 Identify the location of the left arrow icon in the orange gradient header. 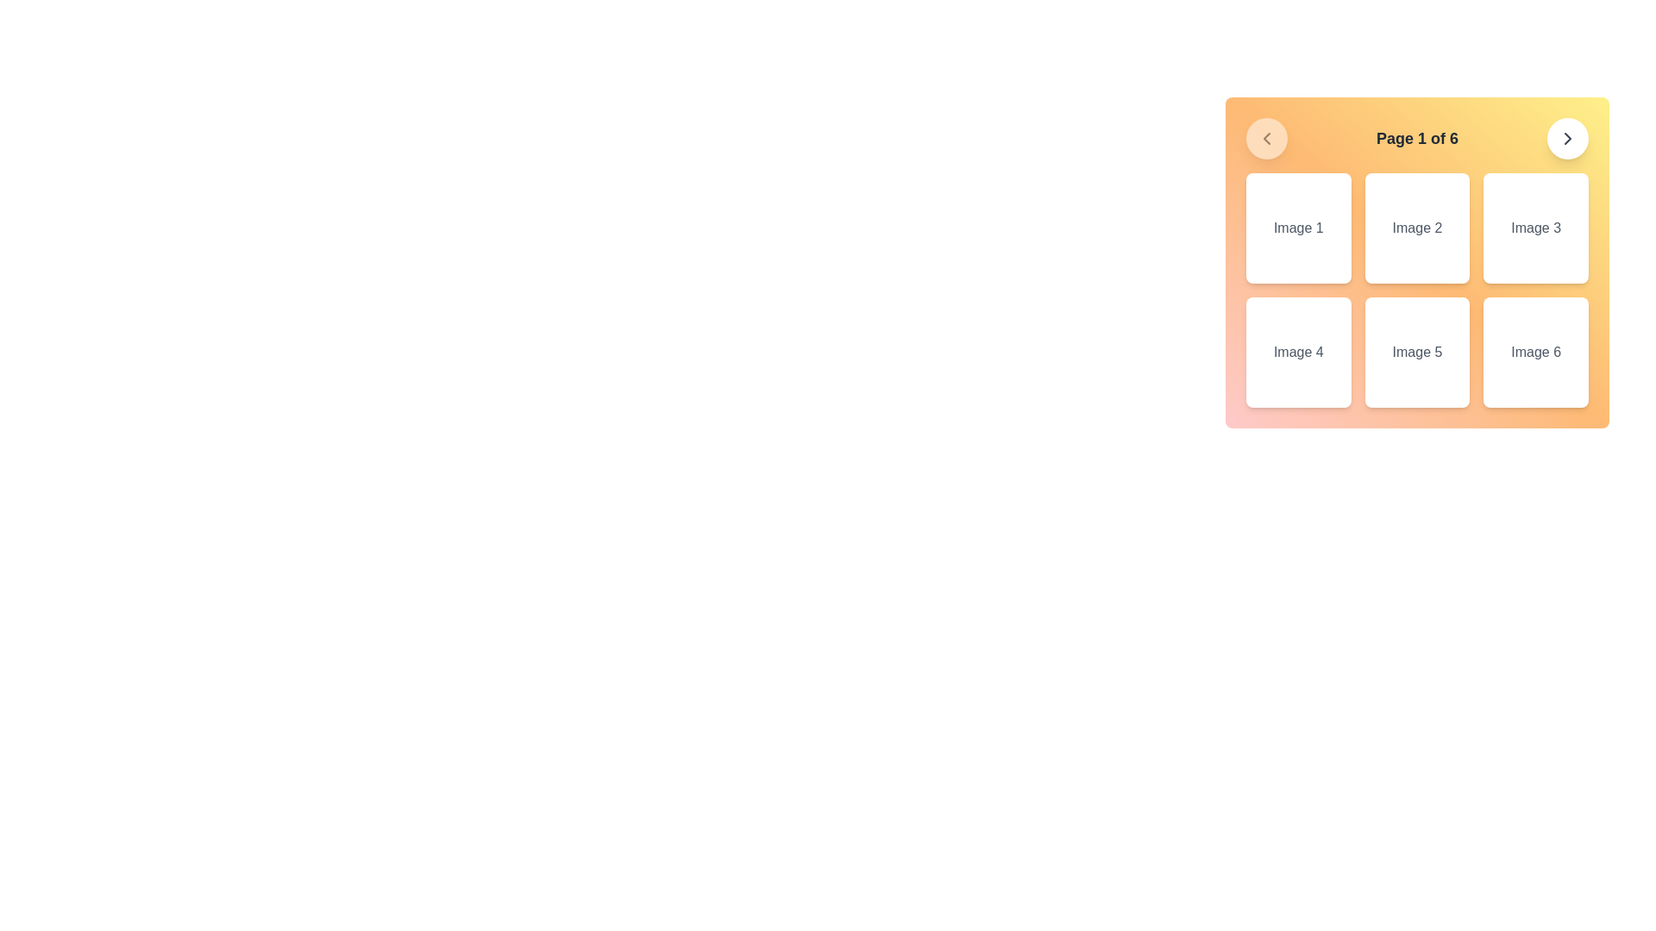
(1266, 138).